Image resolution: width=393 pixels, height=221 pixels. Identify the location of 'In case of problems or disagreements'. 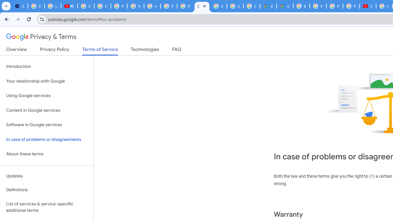
(46, 139).